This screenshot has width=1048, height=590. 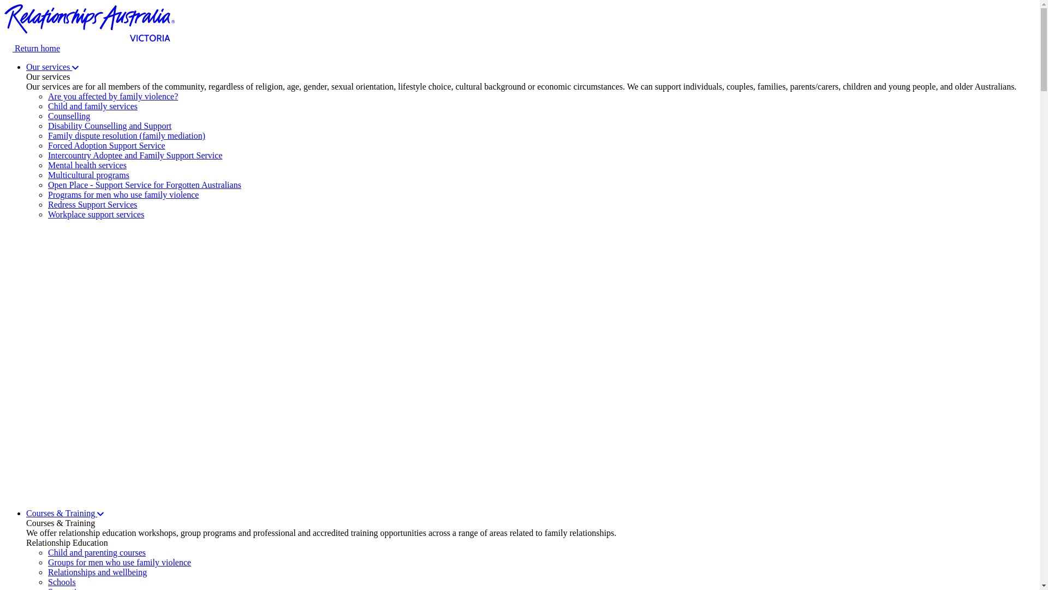 I want to click on 'Counselling', so click(x=68, y=116).